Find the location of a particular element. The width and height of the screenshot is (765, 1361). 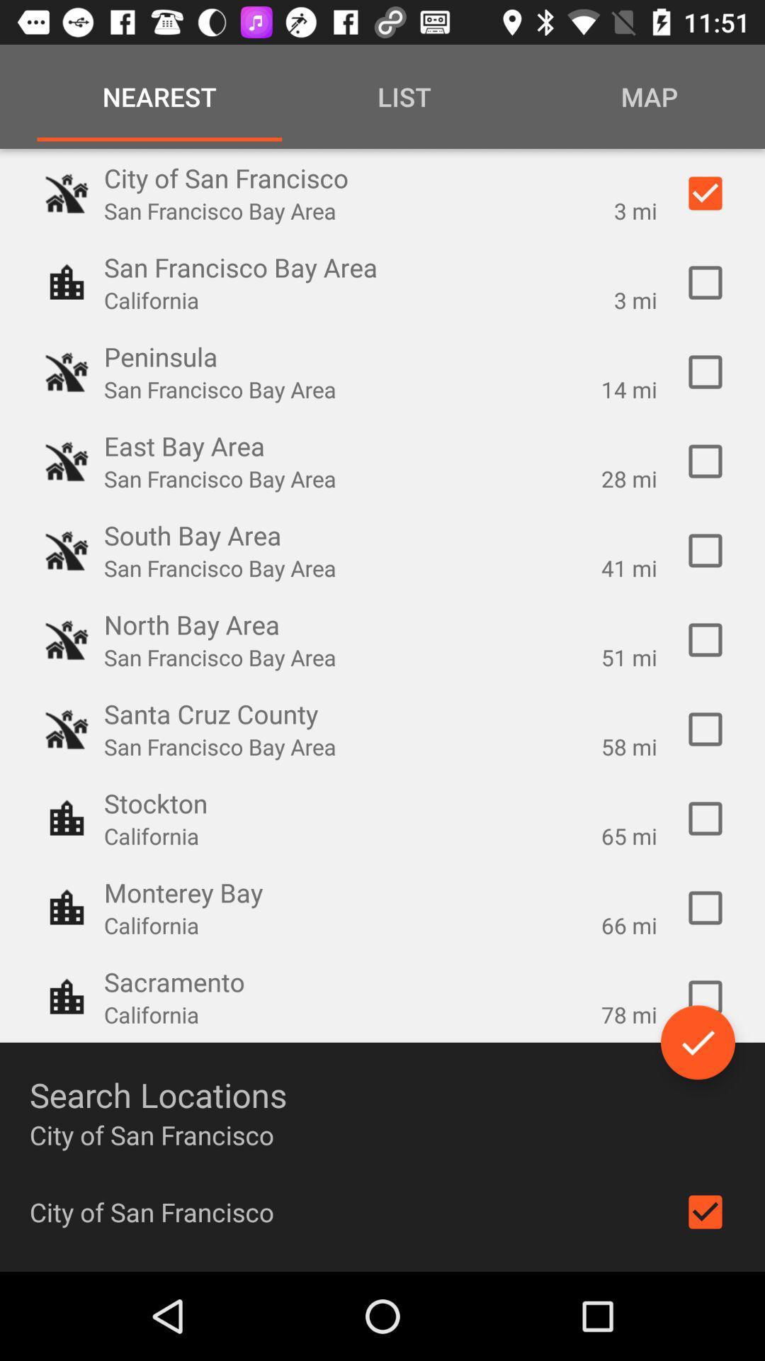

location is located at coordinates (705, 639).